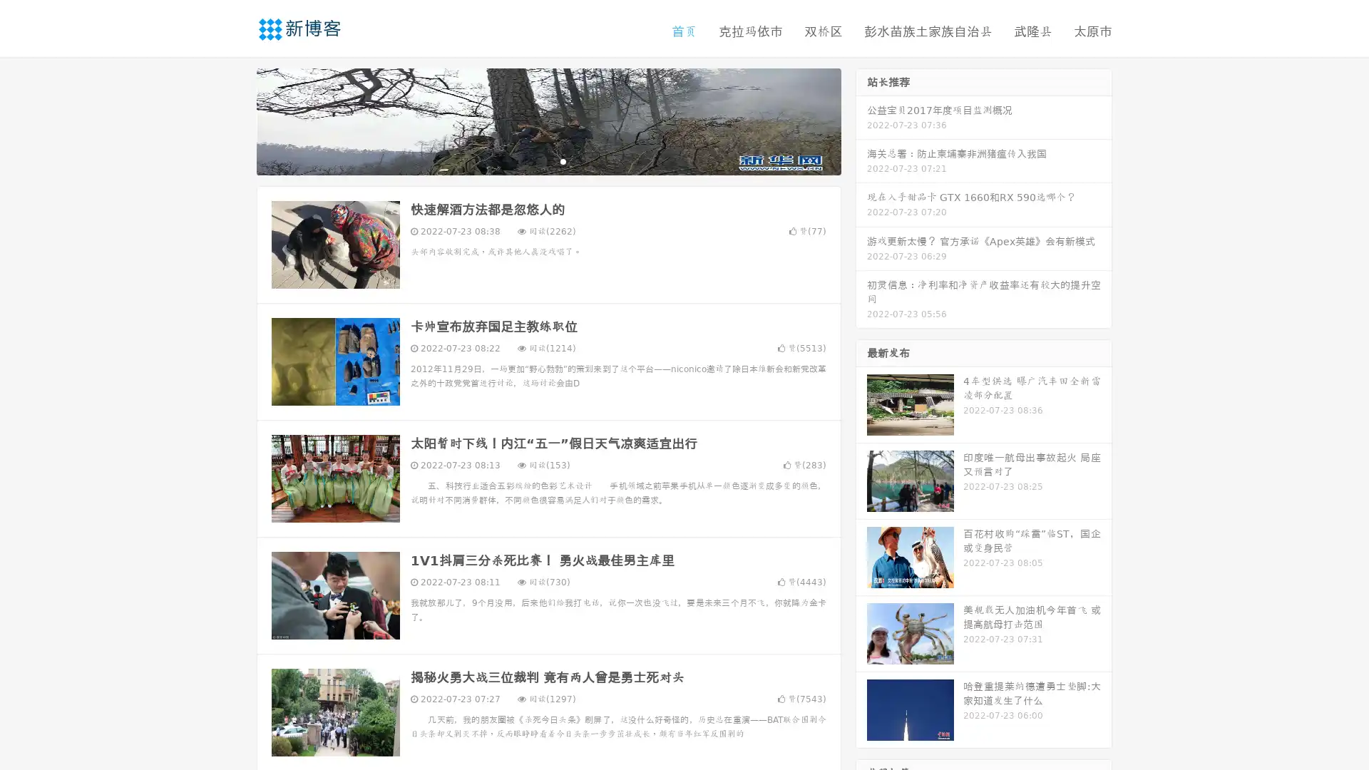 Image resolution: width=1369 pixels, height=770 pixels. Describe the element at coordinates (235, 120) in the screenshot. I see `Previous slide` at that location.